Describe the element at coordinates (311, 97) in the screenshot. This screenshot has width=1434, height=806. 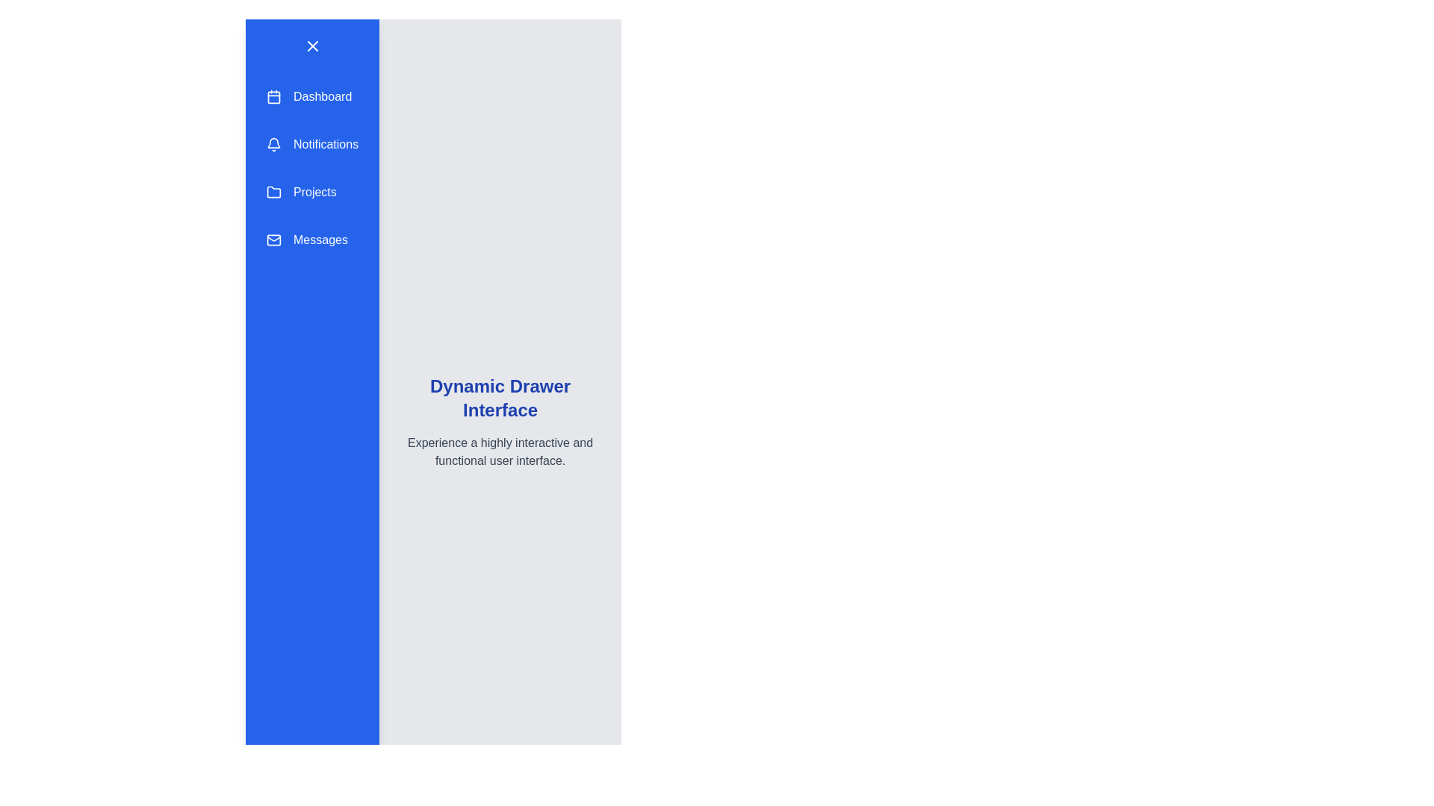
I see `the menu option Dashboard to see the hover effect` at that location.